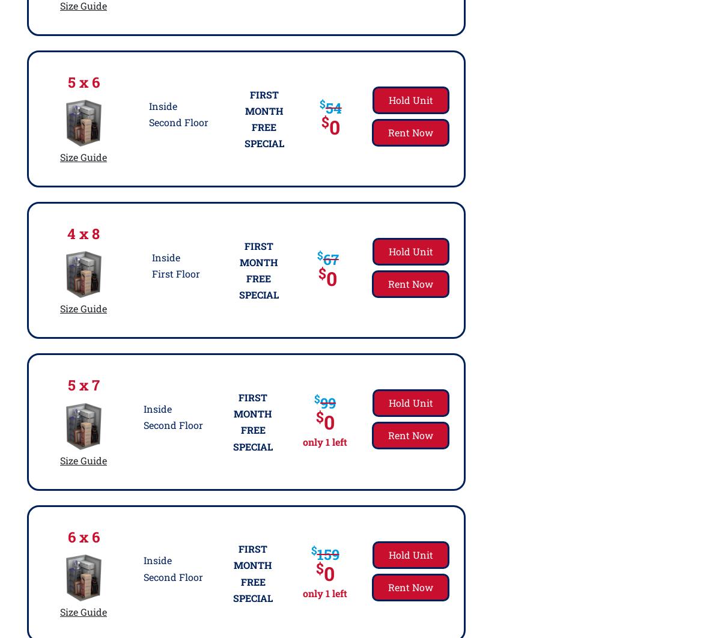 The height and width of the screenshot is (638, 721). What do you see at coordinates (83, 536) in the screenshot?
I see `'6 x 6'` at bounding box center [83, 536].